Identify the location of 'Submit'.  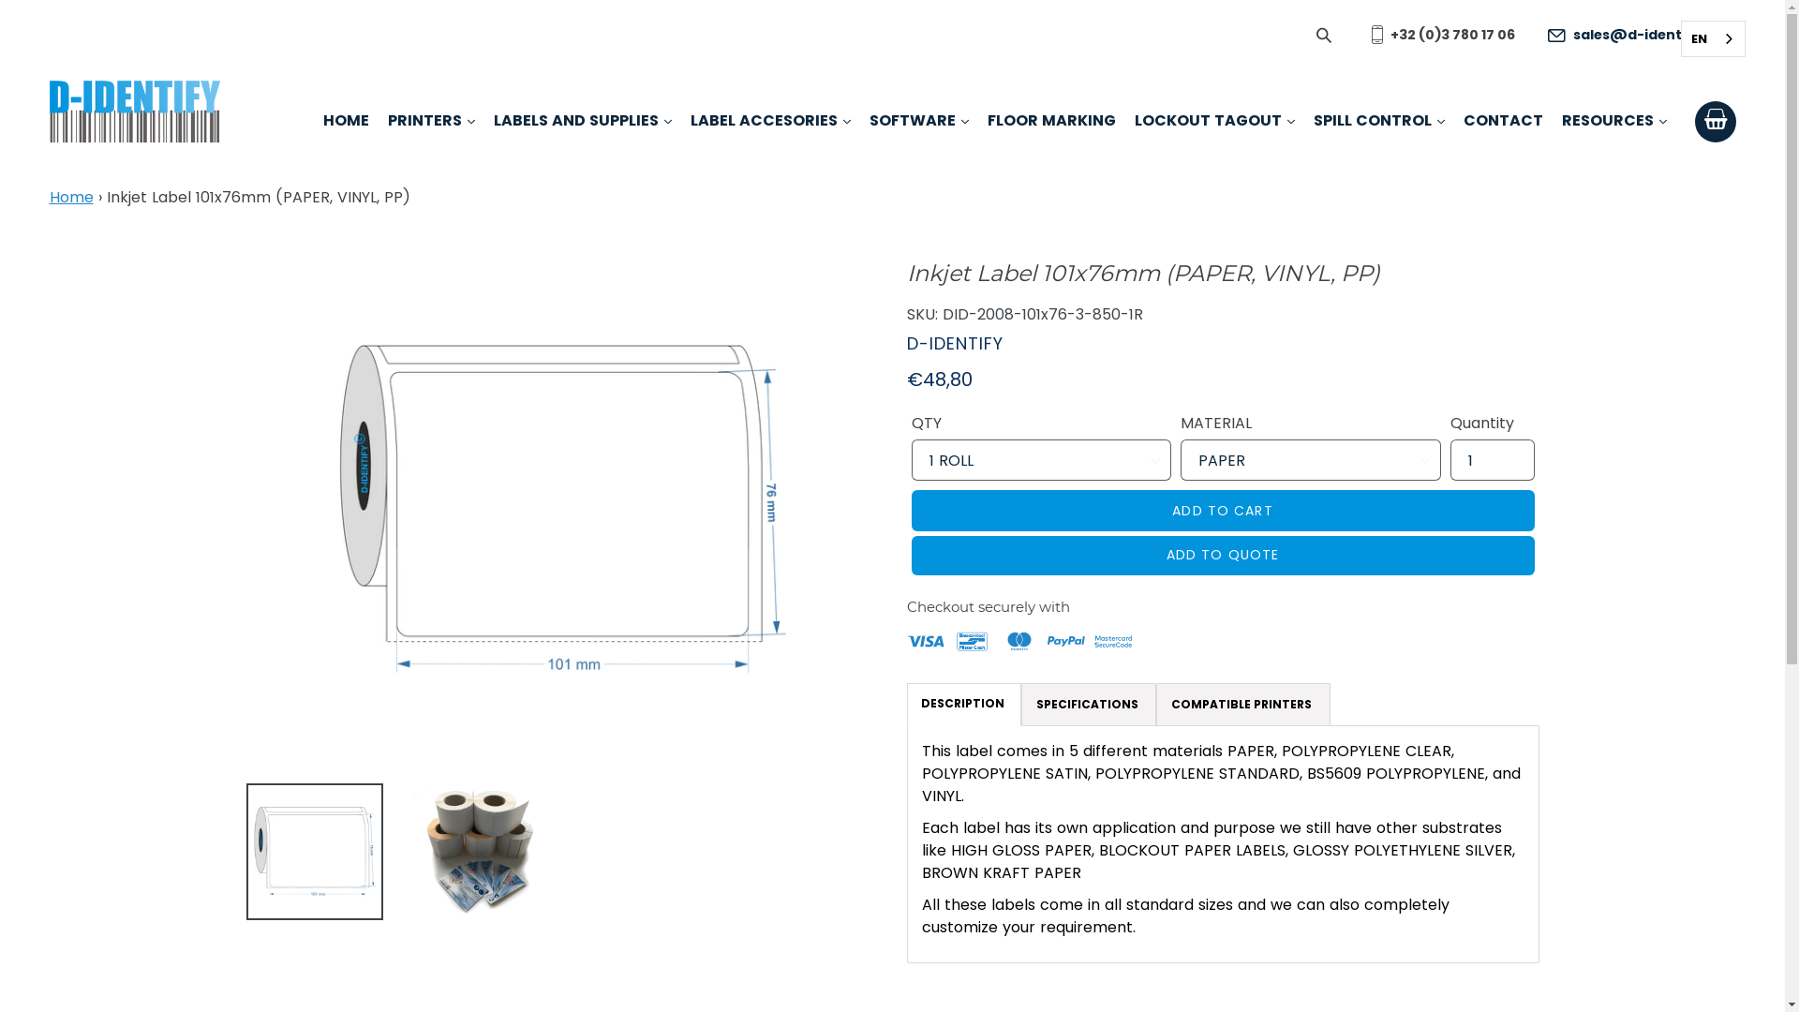
(1324, 34).